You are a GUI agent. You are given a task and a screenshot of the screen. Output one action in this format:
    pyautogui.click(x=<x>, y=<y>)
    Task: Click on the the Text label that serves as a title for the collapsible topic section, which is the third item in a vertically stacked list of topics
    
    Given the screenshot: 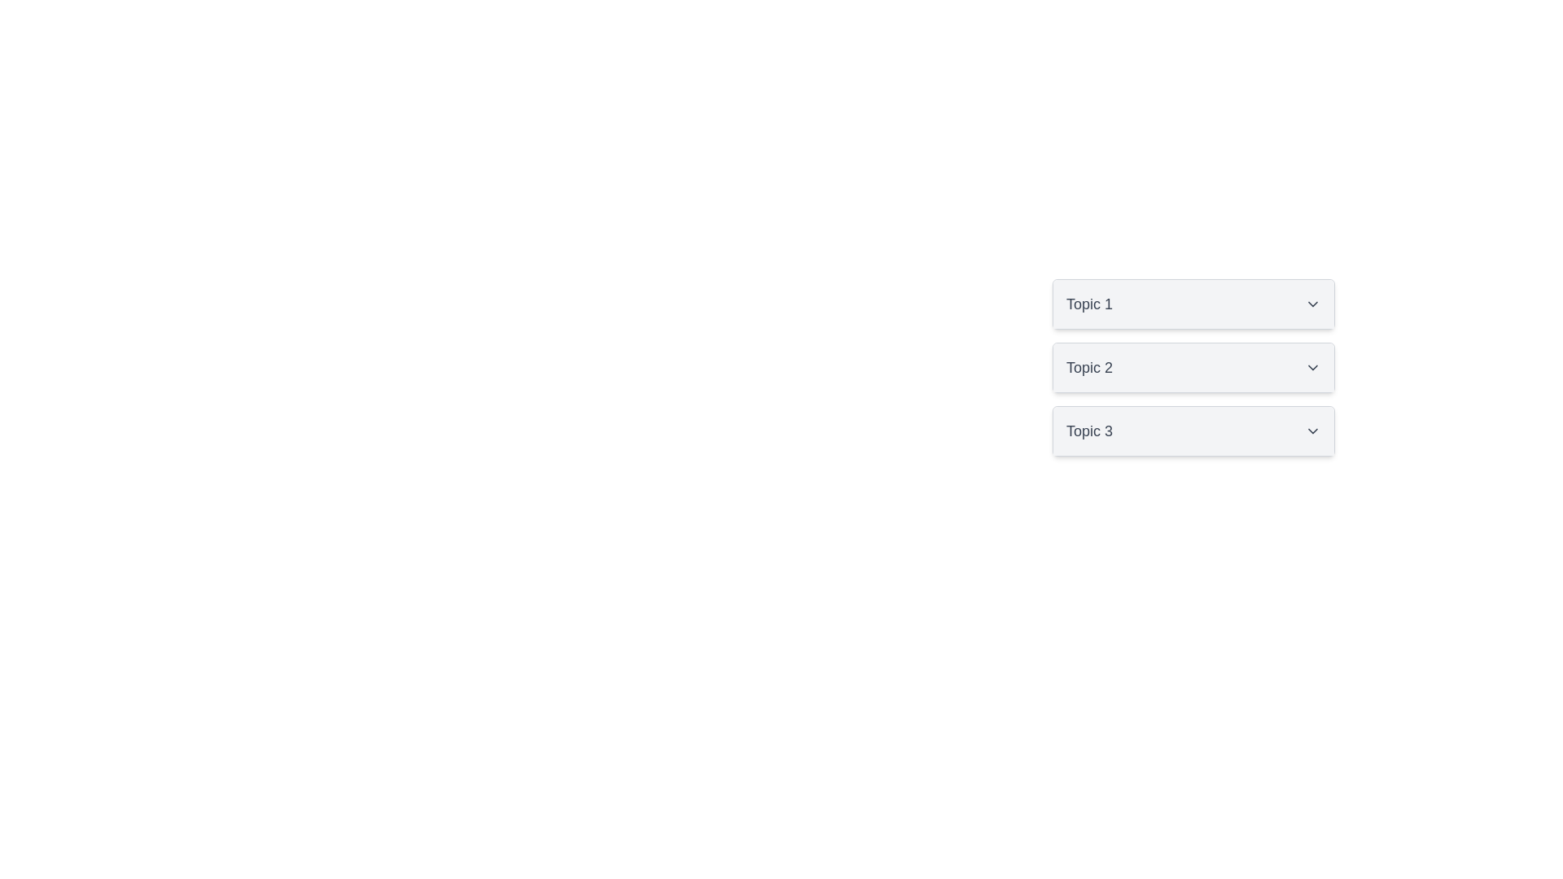 What is the action you would take?
    pyautogui.click(x=1089, y=430)
    